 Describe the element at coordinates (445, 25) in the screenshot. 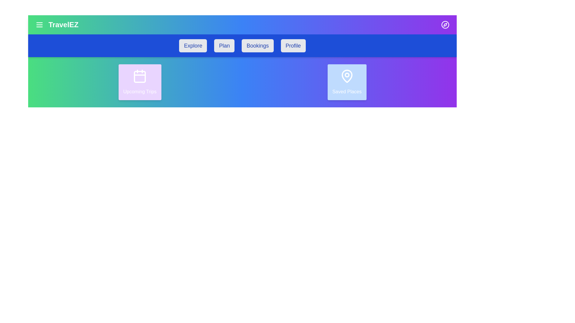

I see `the compass icon to open the compass feature` at that location.